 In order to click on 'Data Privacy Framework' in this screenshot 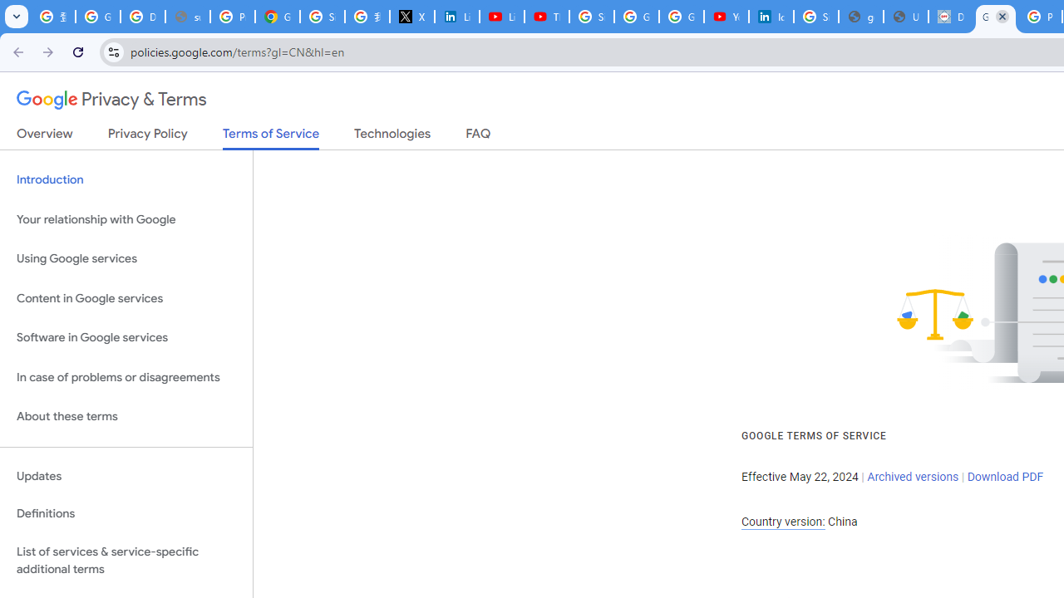, I will do `click(951, 17)`.